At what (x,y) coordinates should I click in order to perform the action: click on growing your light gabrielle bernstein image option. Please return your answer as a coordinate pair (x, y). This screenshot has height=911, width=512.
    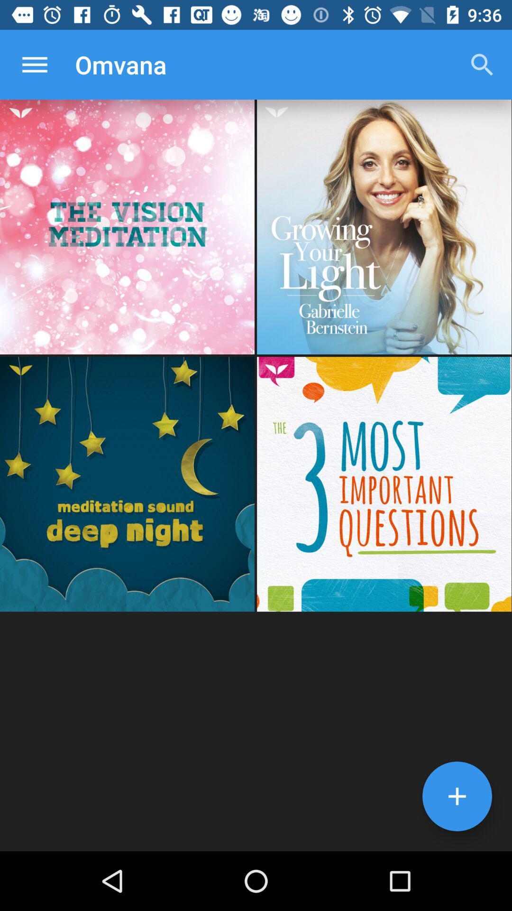
    Looking at the image, I should click on (384, 226).